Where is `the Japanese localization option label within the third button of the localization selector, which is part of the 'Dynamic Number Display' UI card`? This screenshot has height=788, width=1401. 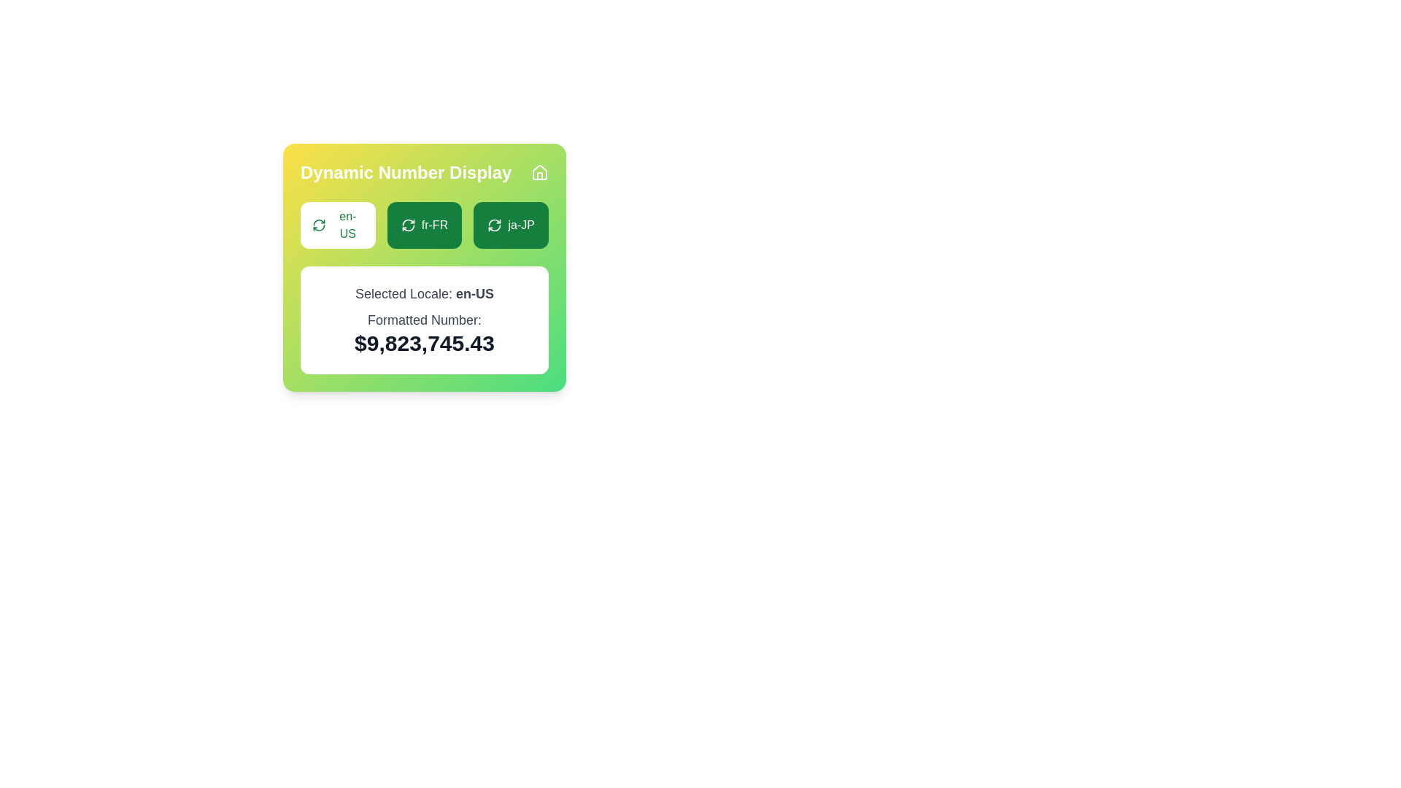
the Japanese localization option label within the third button of the localization selector, which is part of the 'Dynamic Number Display' UI card is located at coordinates (521, 225).